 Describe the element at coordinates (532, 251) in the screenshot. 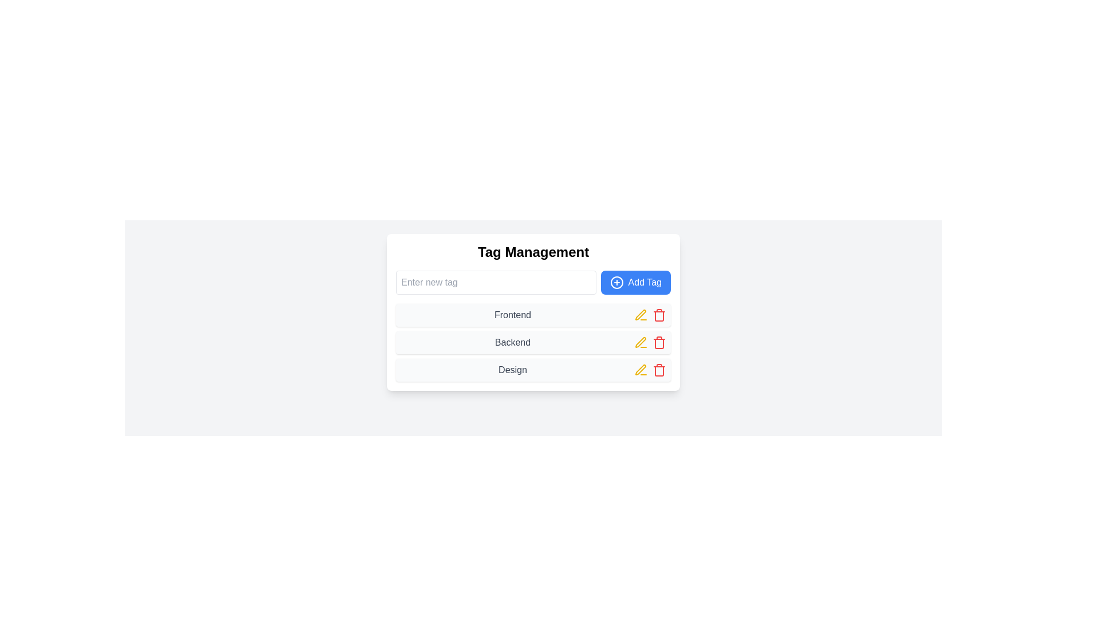

I see `the title text 'Tag Management' which is styled in a larger and bold font, located at the top of a card-like interface with rounded corners` at that location.